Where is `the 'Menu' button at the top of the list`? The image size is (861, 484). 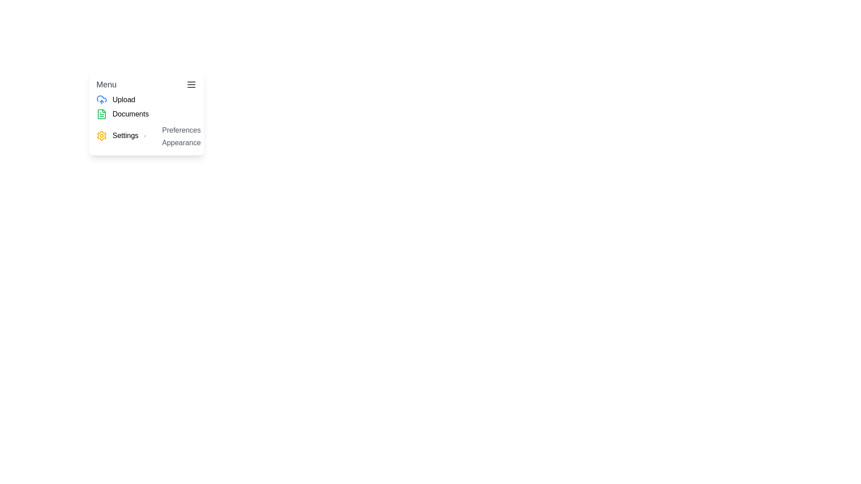 the 'Menu' button at the top of the list is located at coordinates (146, 85).